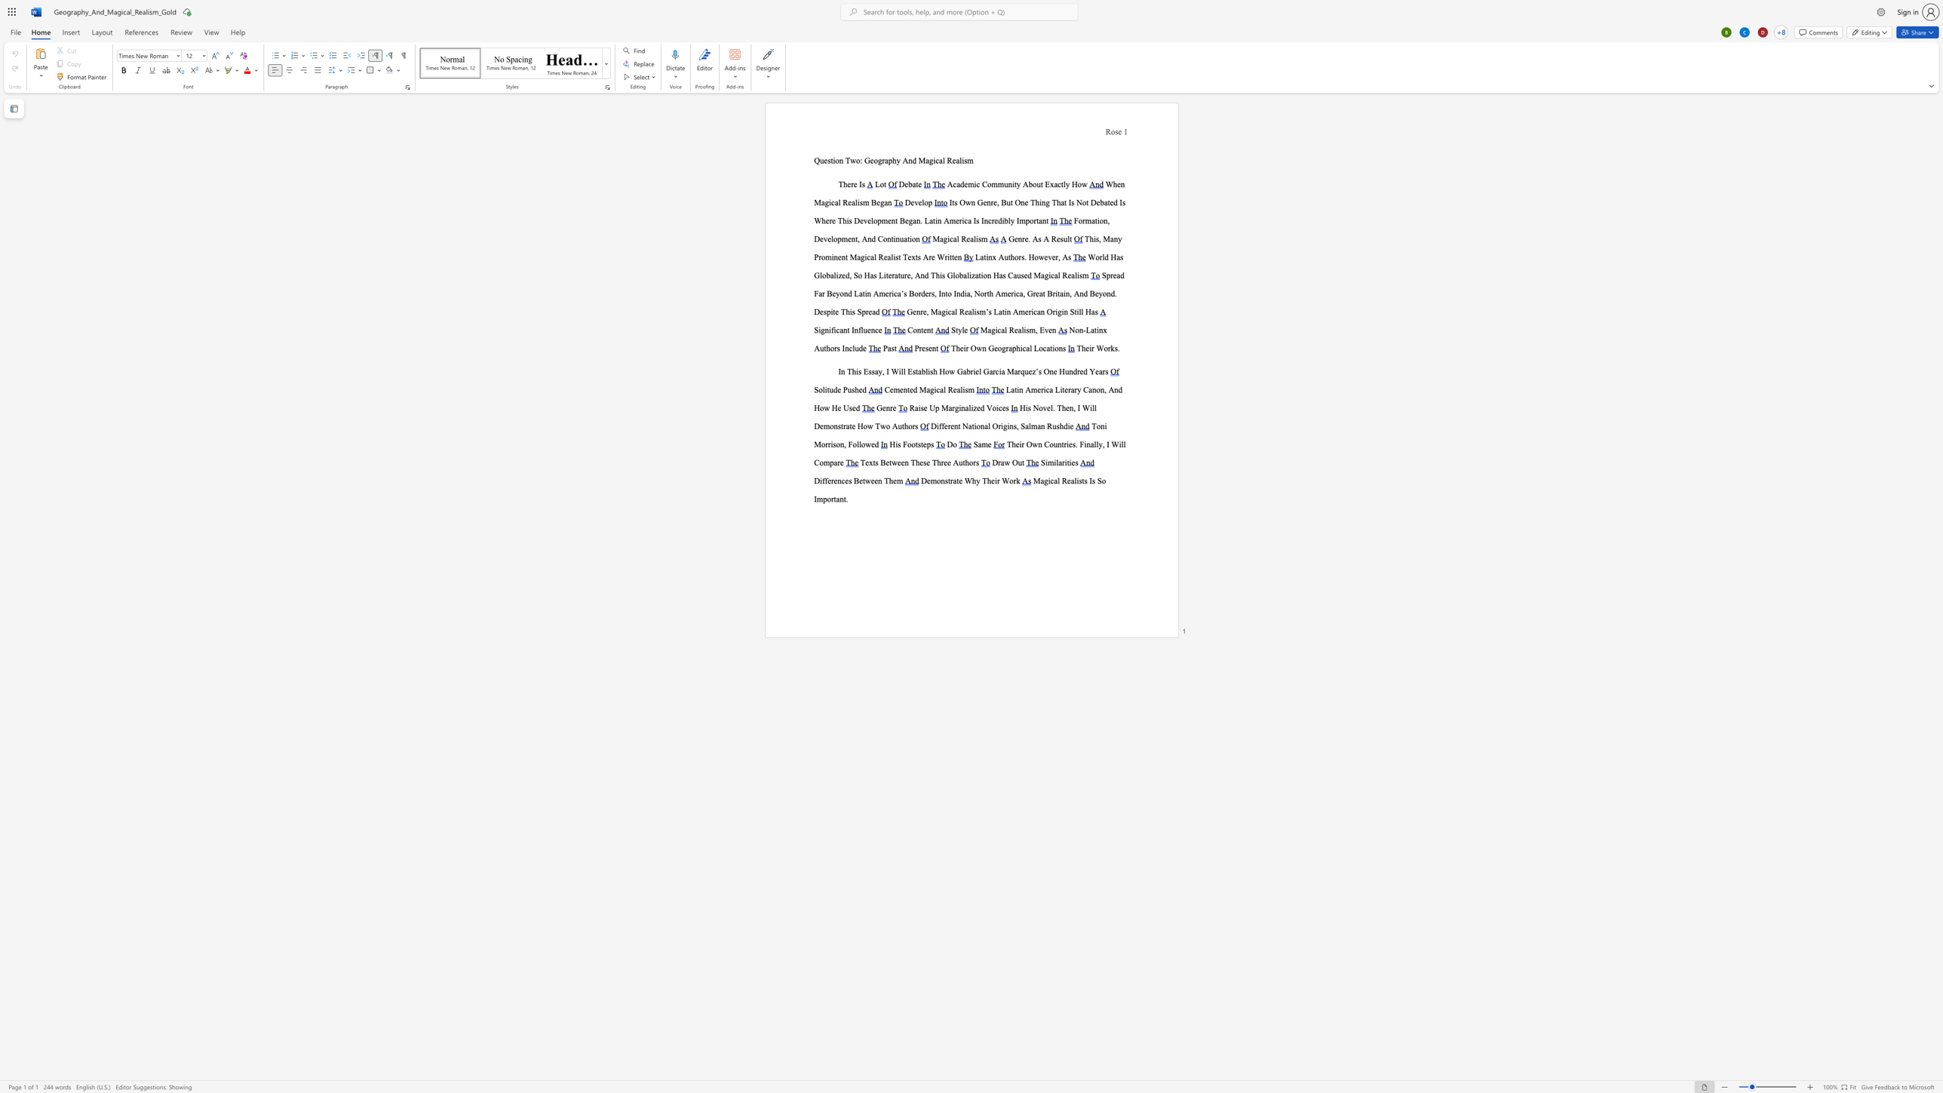  I want to click on the space between the continuous character "i" and "n" in the text, so click(1099, 330).